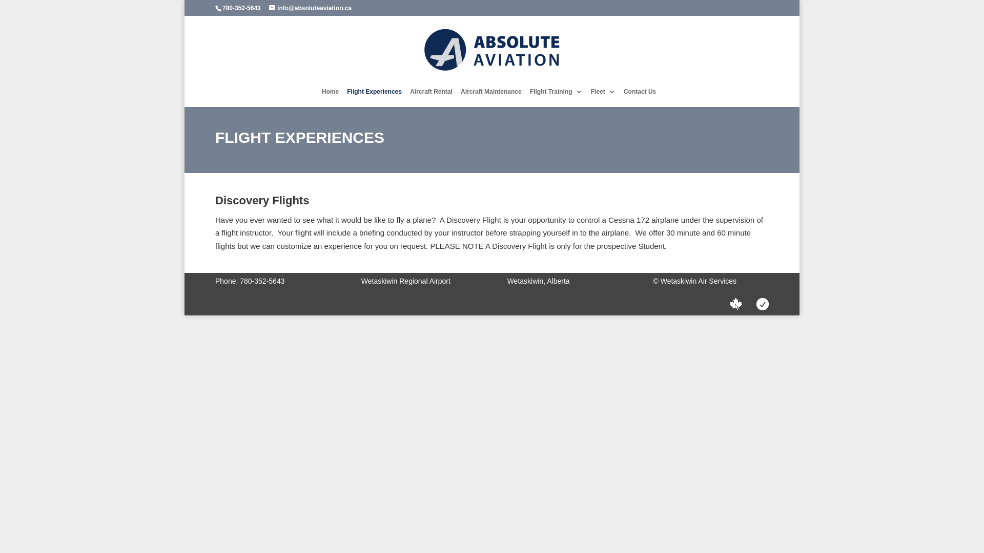  Describe the element at coordinates (321, 98) in the screenshot. I see `'Home'` at that location.